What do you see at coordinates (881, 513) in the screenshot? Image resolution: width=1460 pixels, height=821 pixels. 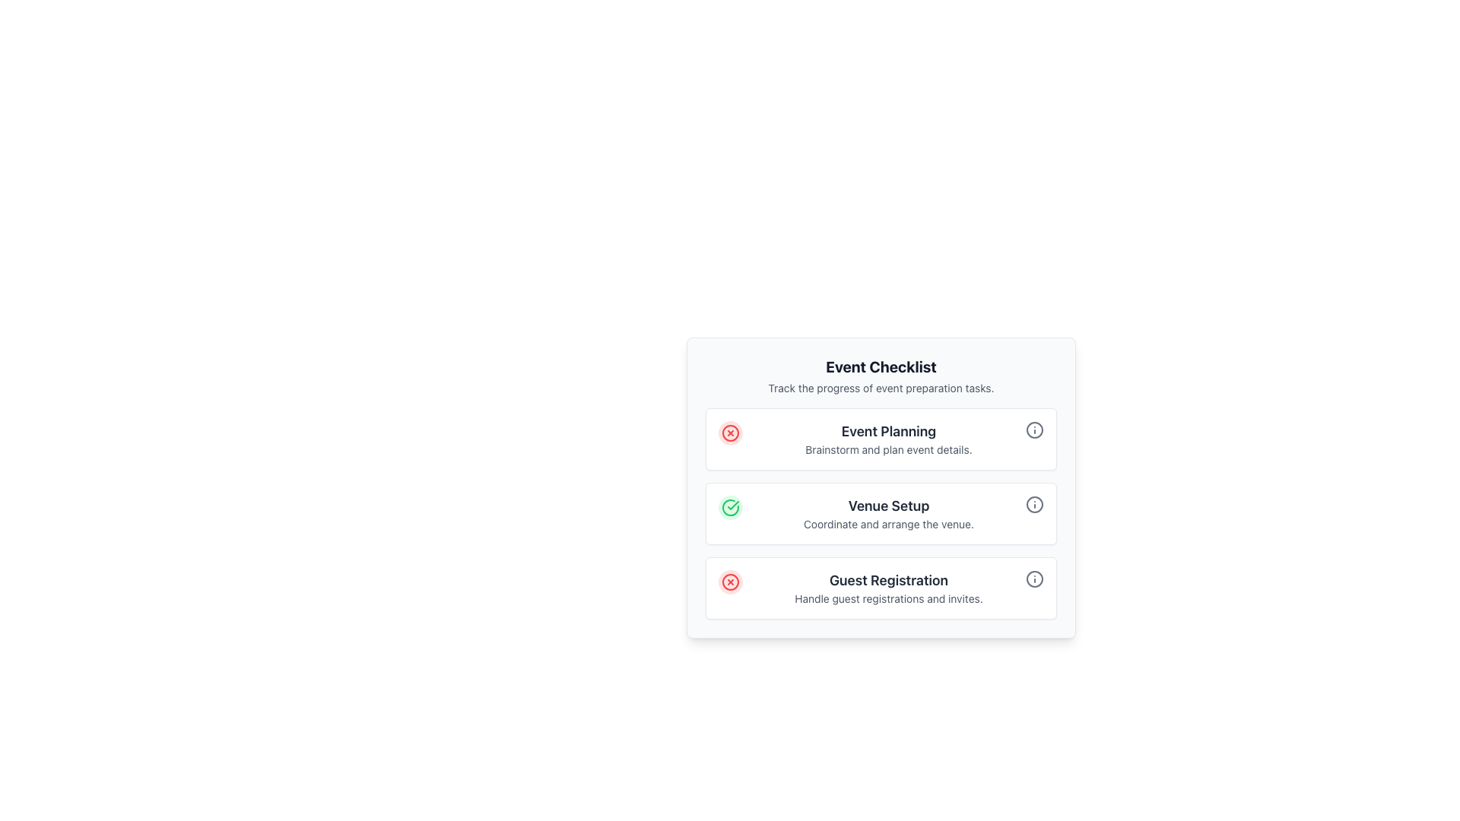 I see `the second informational list item titled 'Venue Setup'` at bounding box center [881, 513].